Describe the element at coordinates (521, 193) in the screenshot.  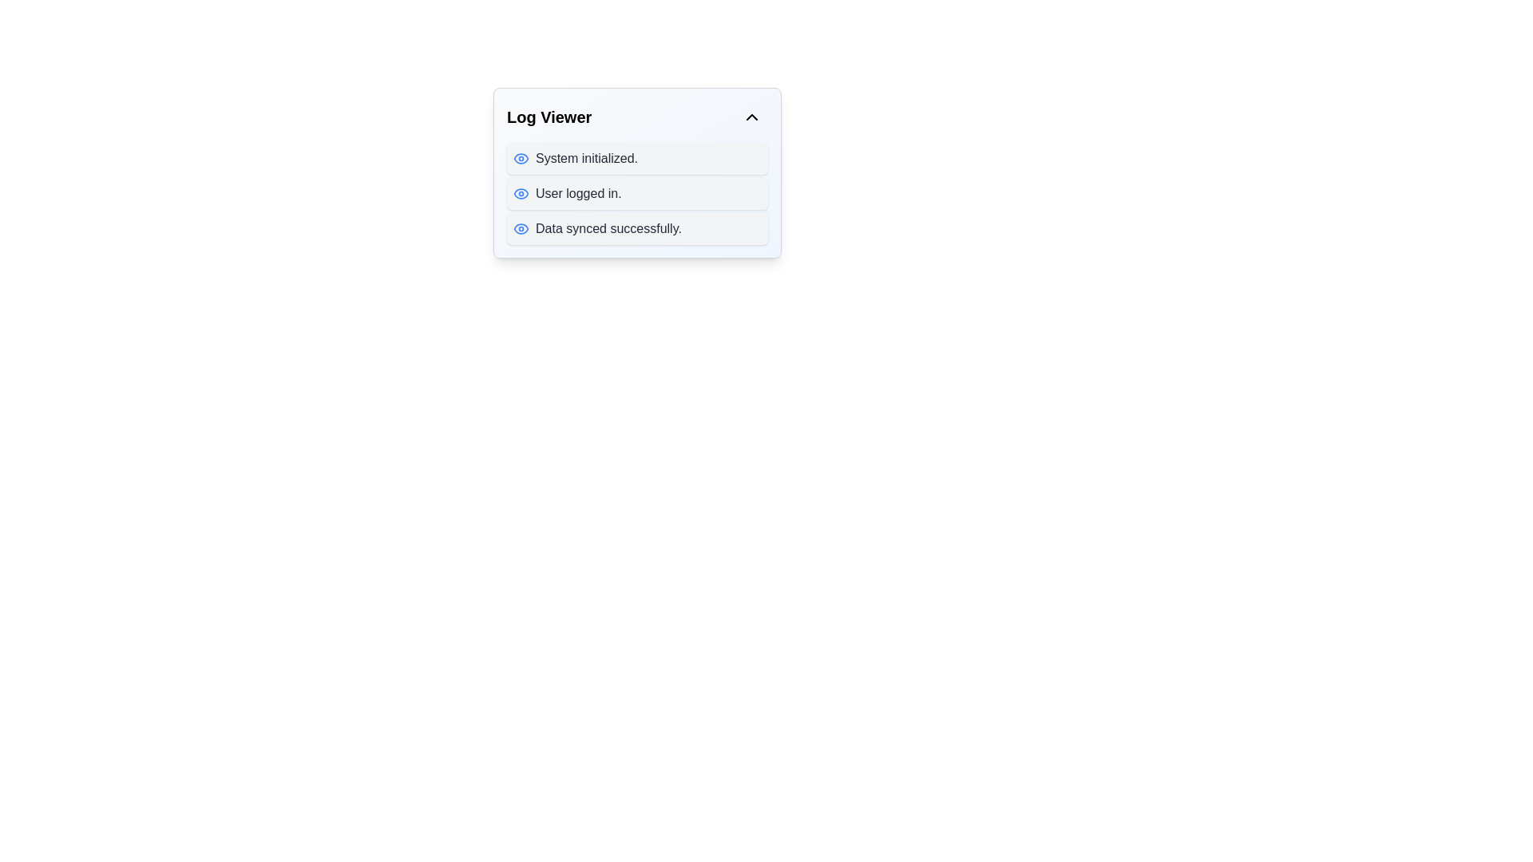
I see `the eye-shaped icon with a blue outline located in the second log entry of the log viewer, to the left of 'User logged in.' to interact or reveal additional information` at that location.